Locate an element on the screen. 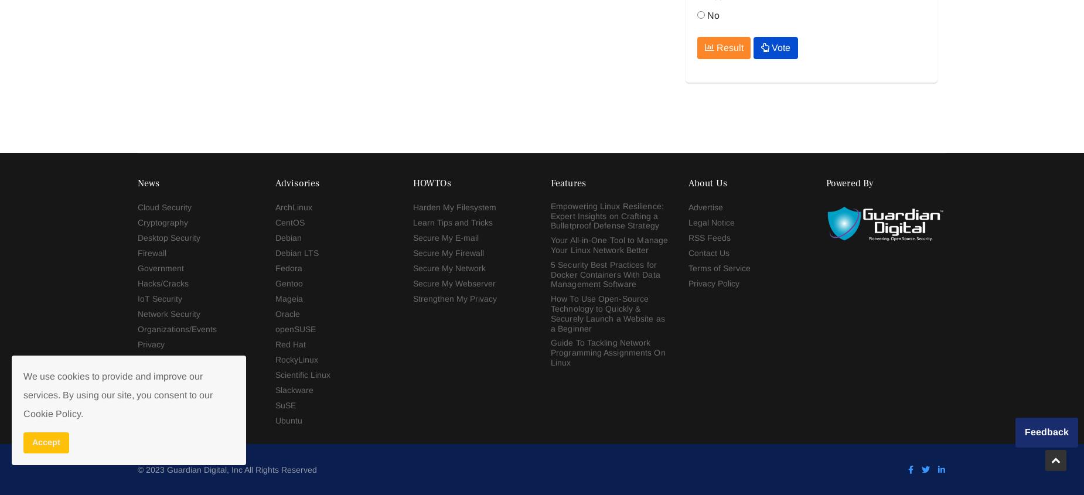  'Slackware' is located at coordinates (294, 94).